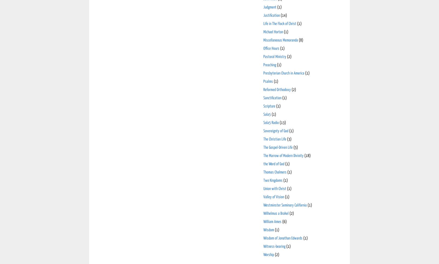  I want to click on 'Thomas Chalmers', so click(275, 172).